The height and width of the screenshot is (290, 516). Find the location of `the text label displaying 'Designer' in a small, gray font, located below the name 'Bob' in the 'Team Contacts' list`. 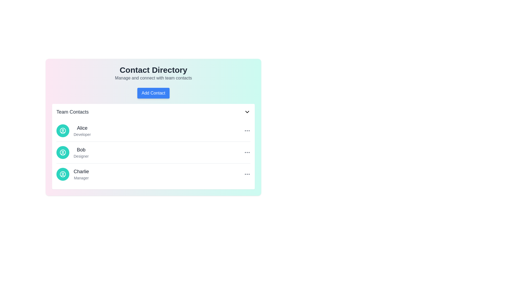

the text label displaying 'Designer' in a small, gray font, located below the name 'Bob' in the 'Team Contacts' list is located at coordinates (81, 156).